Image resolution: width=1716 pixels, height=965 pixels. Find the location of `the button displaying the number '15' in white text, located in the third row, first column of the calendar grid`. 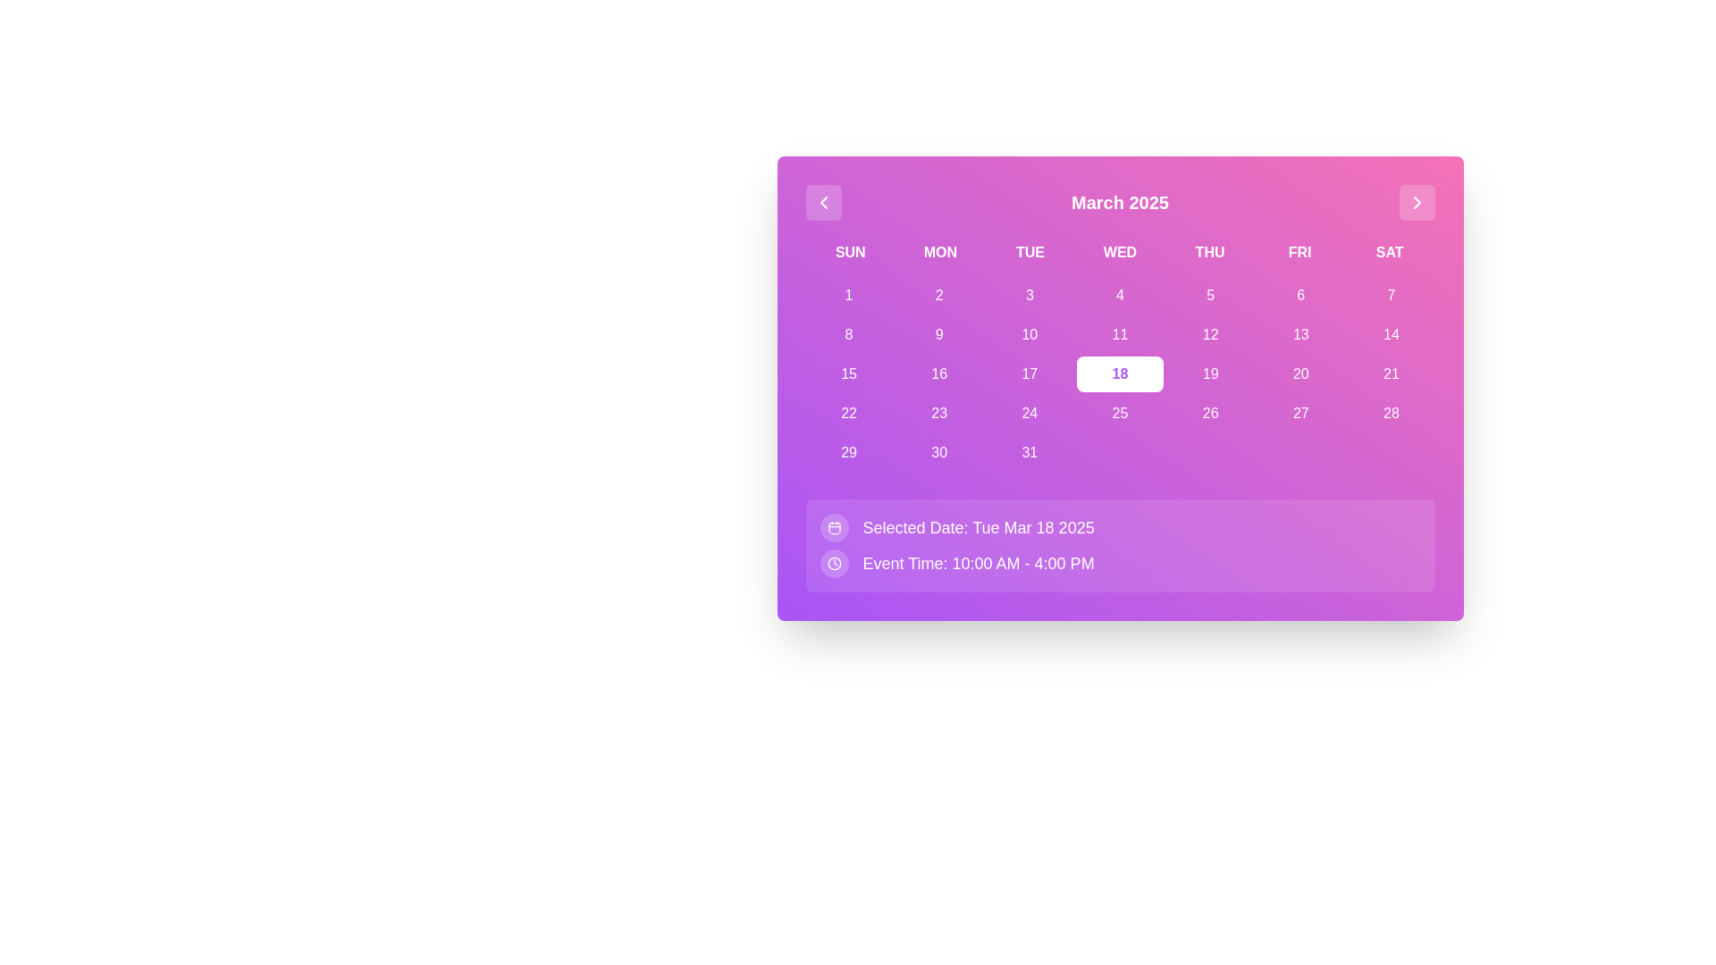

the button displaying the number '15' in white text, located in the third row, first column of the calendar grid is located at coordinates (848, 373).